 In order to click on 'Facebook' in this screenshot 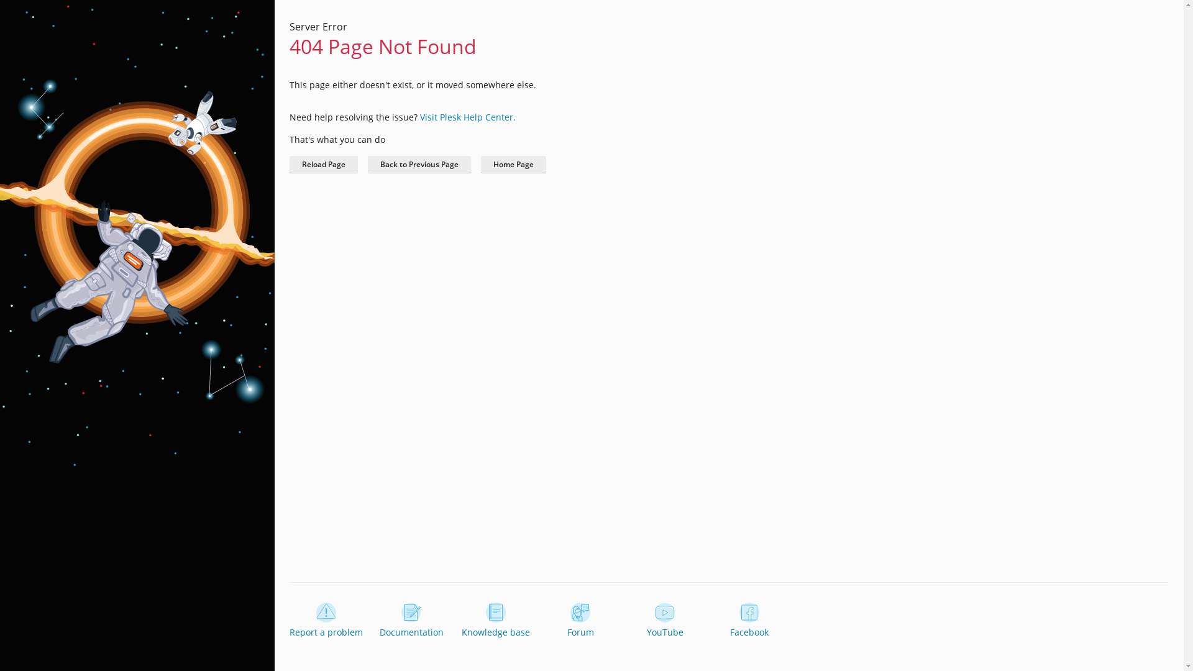, I will do `click(748, 621)`.